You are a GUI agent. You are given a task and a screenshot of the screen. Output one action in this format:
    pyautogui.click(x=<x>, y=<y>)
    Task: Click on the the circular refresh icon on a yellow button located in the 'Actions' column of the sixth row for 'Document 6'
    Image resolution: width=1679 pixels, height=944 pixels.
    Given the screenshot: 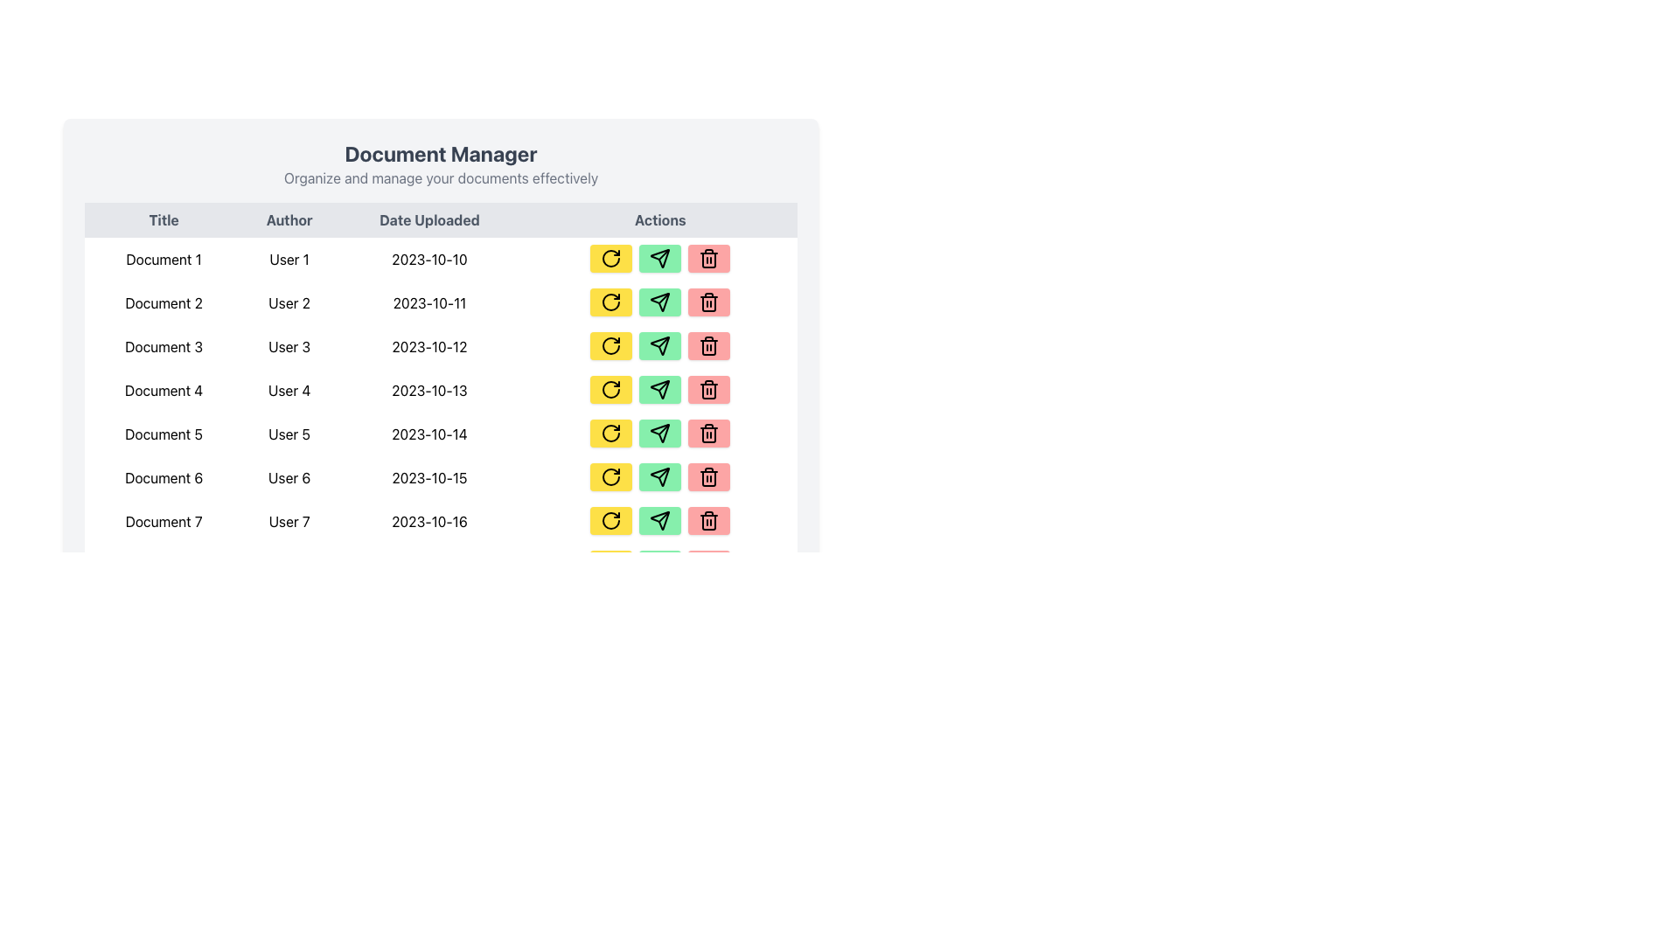 What is the action you would take?
    pyautogui.click(x=611, y=477)
    